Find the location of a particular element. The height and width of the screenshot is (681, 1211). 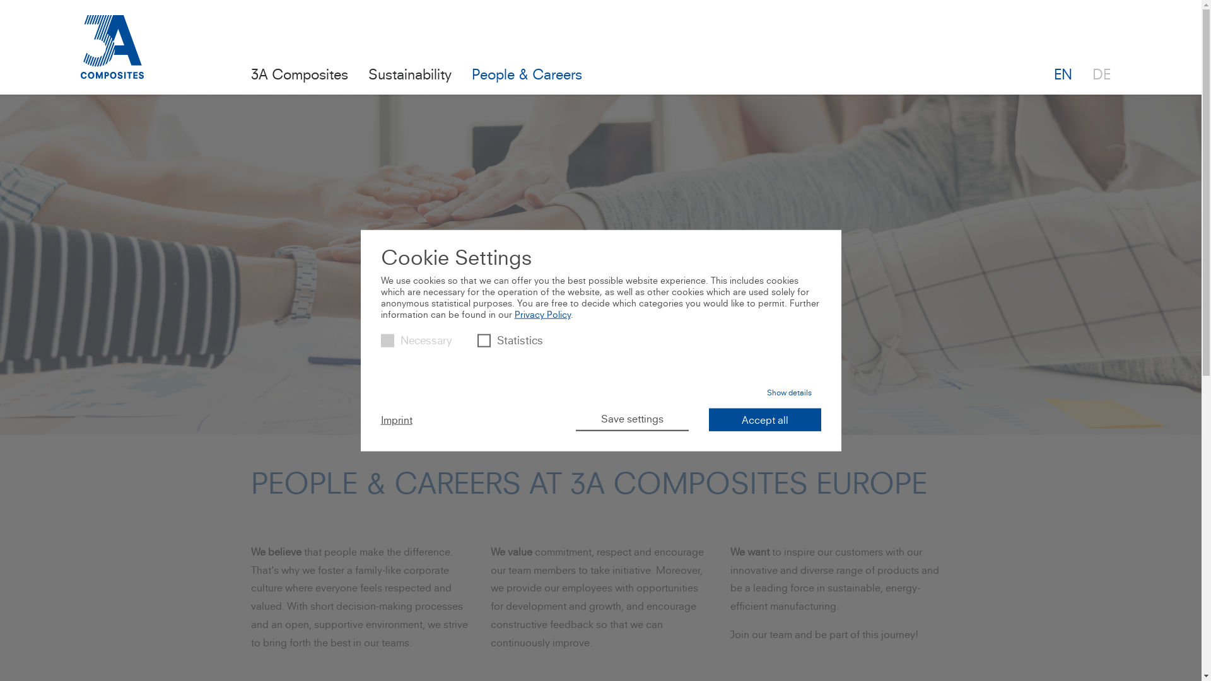

'Save settings' is located at coordinates (631, 419).